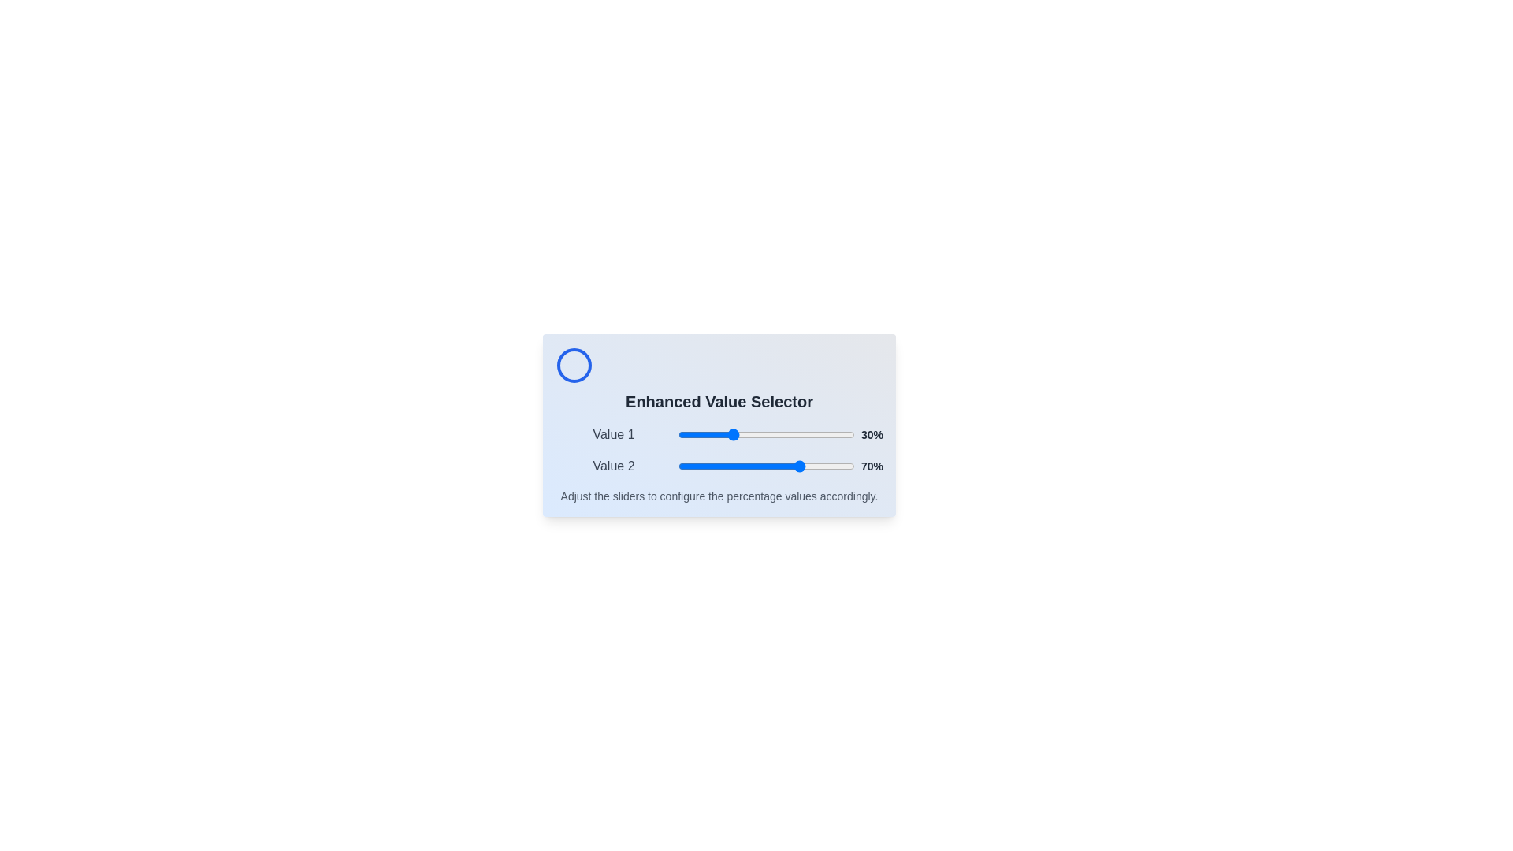  Describe the element at coordinates (801, 465) in the screenshot. I see `the slider for Value 2 to set its value to 70%` at that location.